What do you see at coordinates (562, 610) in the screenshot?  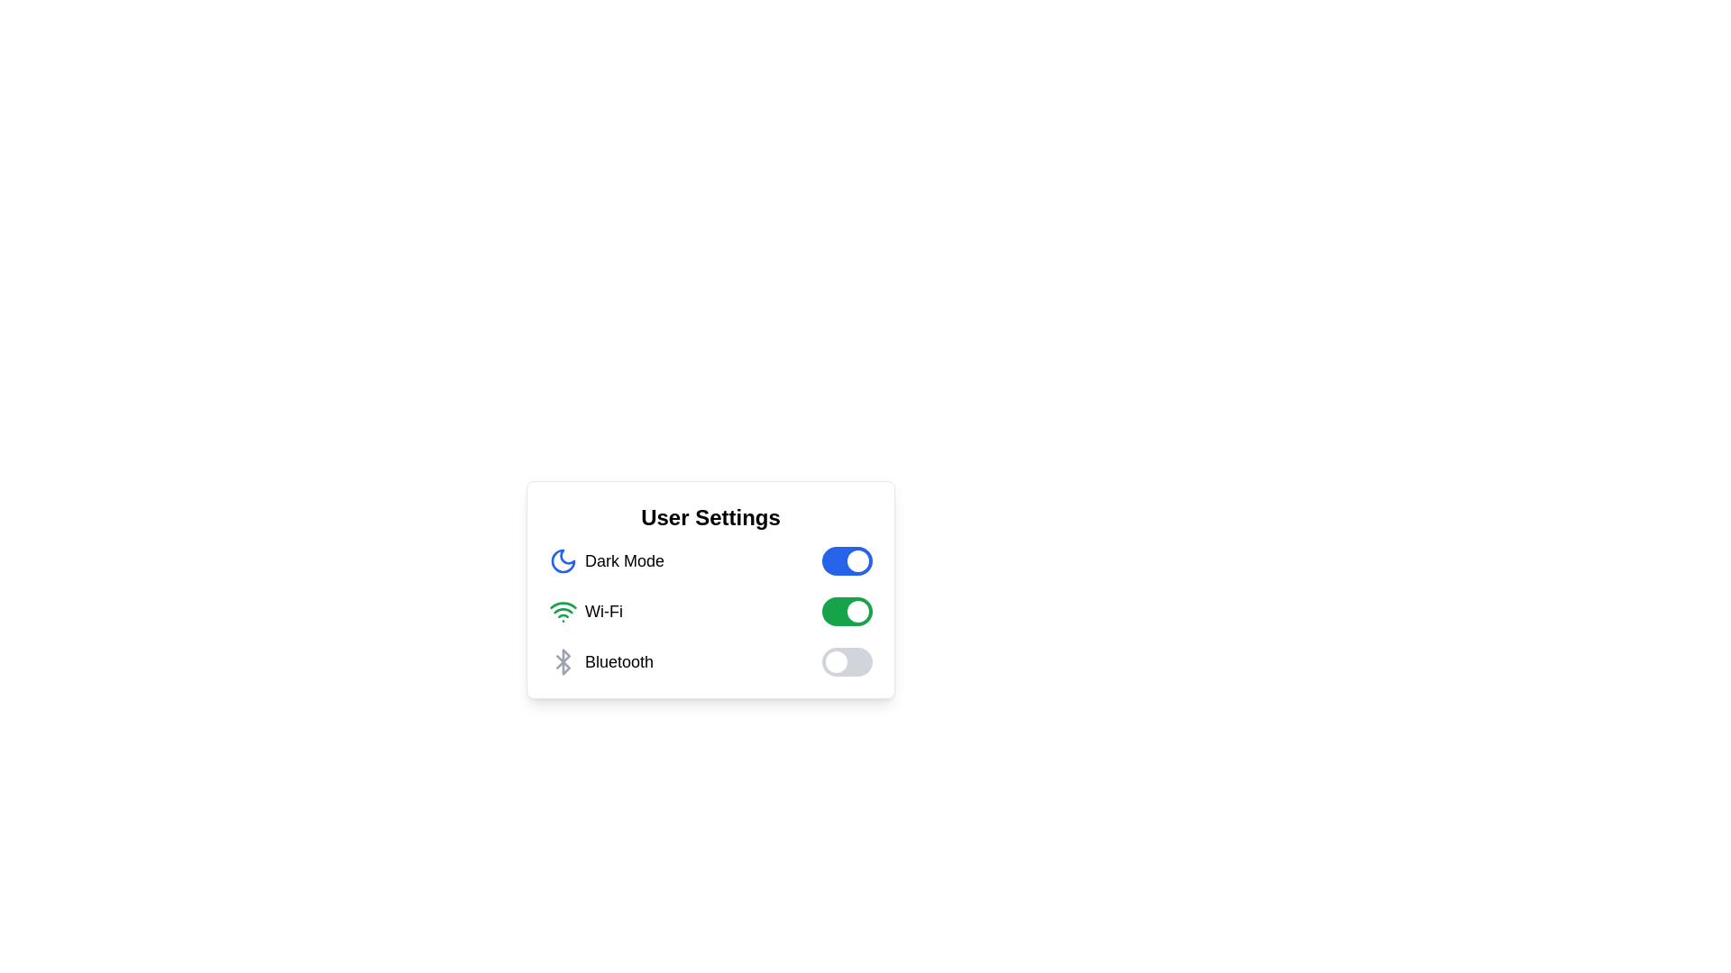 I see `the Wi-Fi signal icon, which is styled in green and located to the left of the 'Wi-Fi' text in the settings section` at bounding box center [562, 610].